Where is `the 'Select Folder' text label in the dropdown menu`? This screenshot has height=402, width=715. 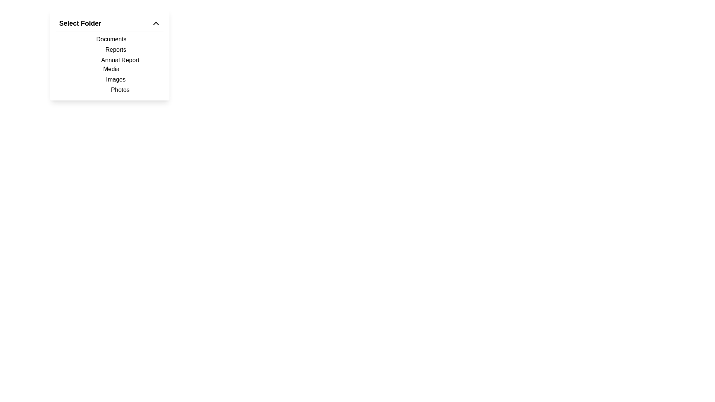 the 'Select Folder' text label in the dropdown menu is located at coordinates (80, 23).